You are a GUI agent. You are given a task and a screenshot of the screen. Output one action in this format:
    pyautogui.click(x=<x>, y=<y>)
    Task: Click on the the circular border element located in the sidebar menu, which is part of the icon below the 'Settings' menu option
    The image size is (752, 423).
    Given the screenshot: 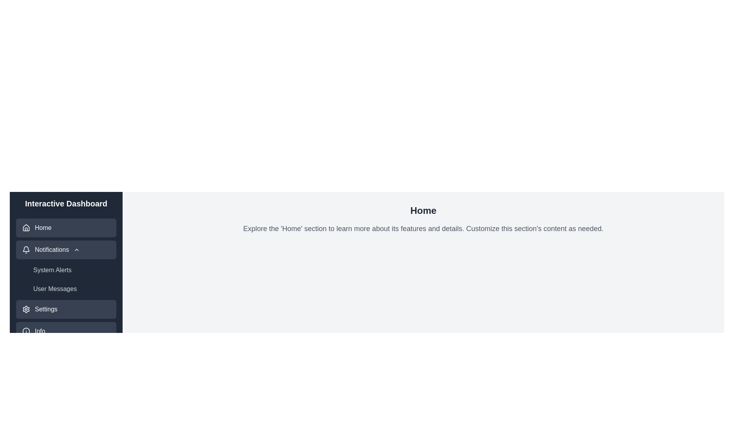 What is the action you would take?
    pyautogui.click(x=26, y=331)
    